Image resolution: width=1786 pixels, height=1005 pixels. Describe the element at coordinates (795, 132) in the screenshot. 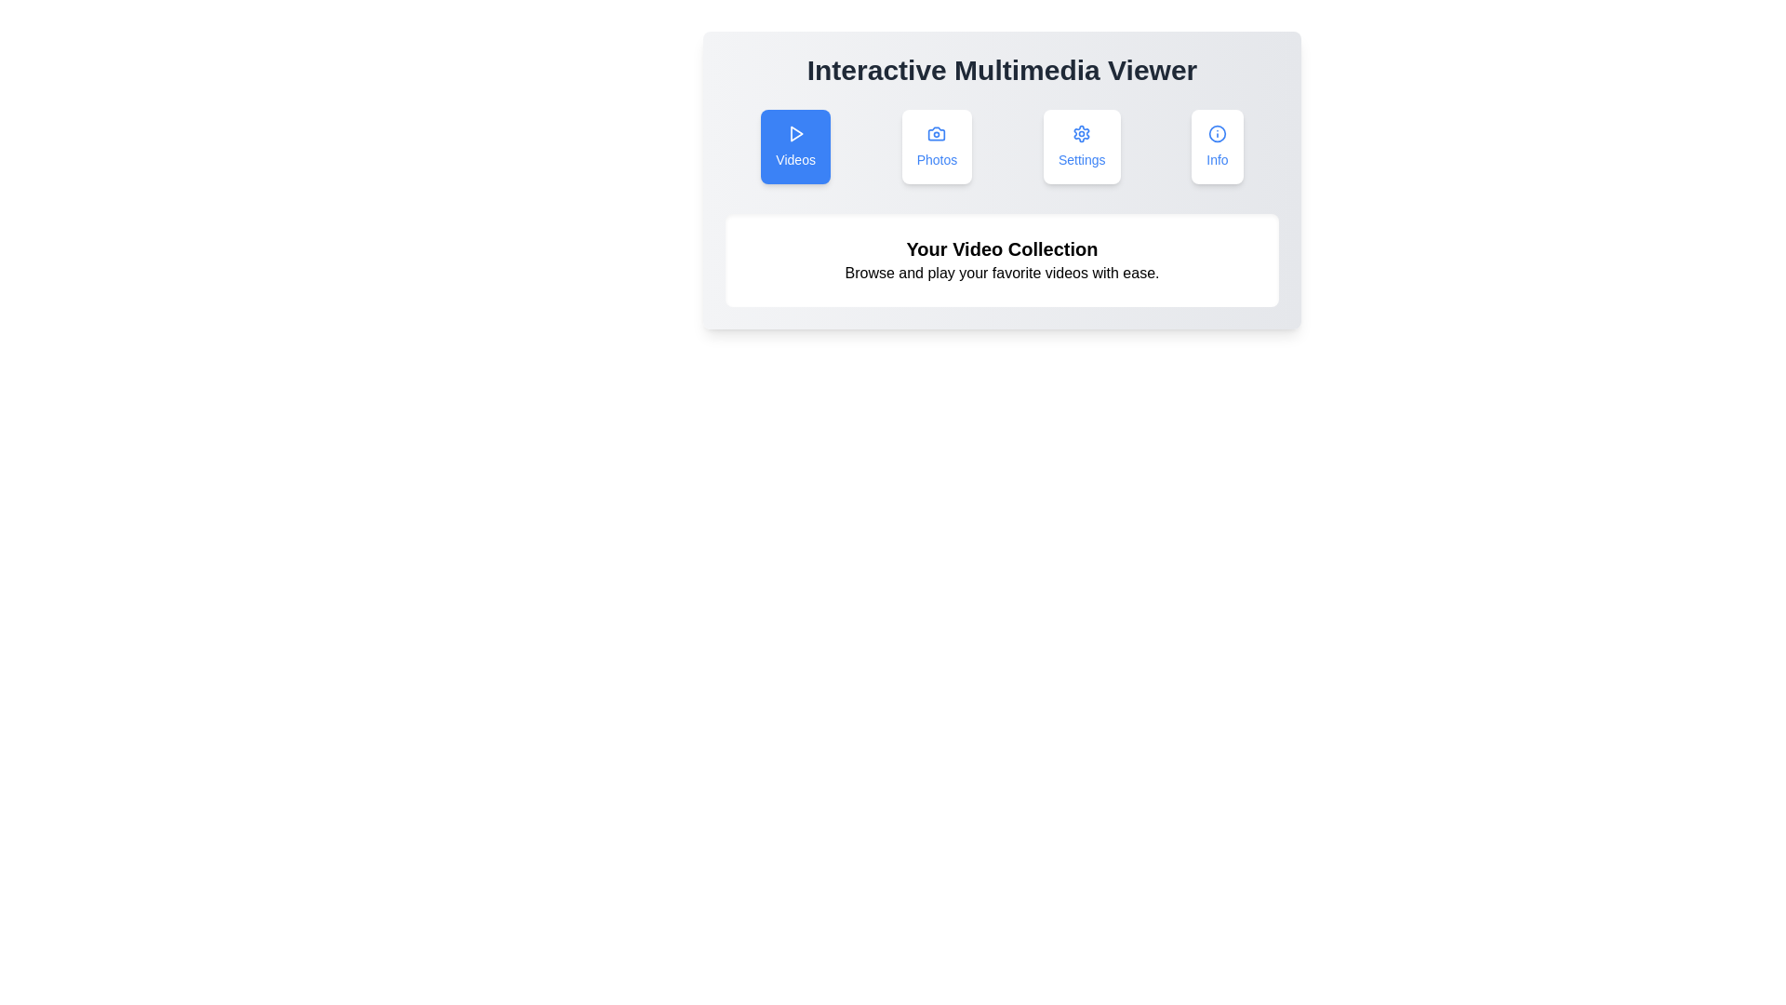

I see `the play icon located in the top-left corner of the options row, which is used to initiate playback of media content` at that location.